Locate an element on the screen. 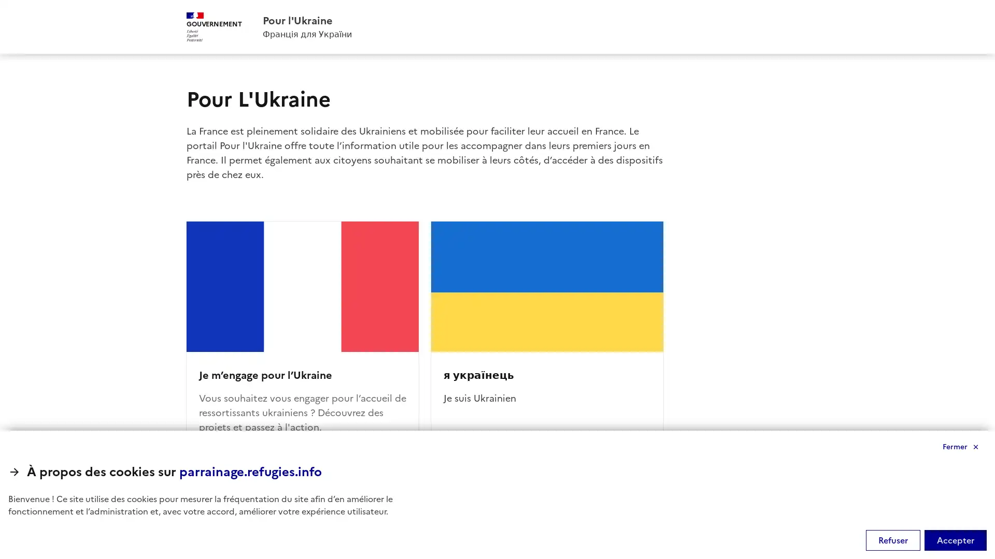 This screenshot has width=995, height=559. Fermer is located at coordinates (959, 447).